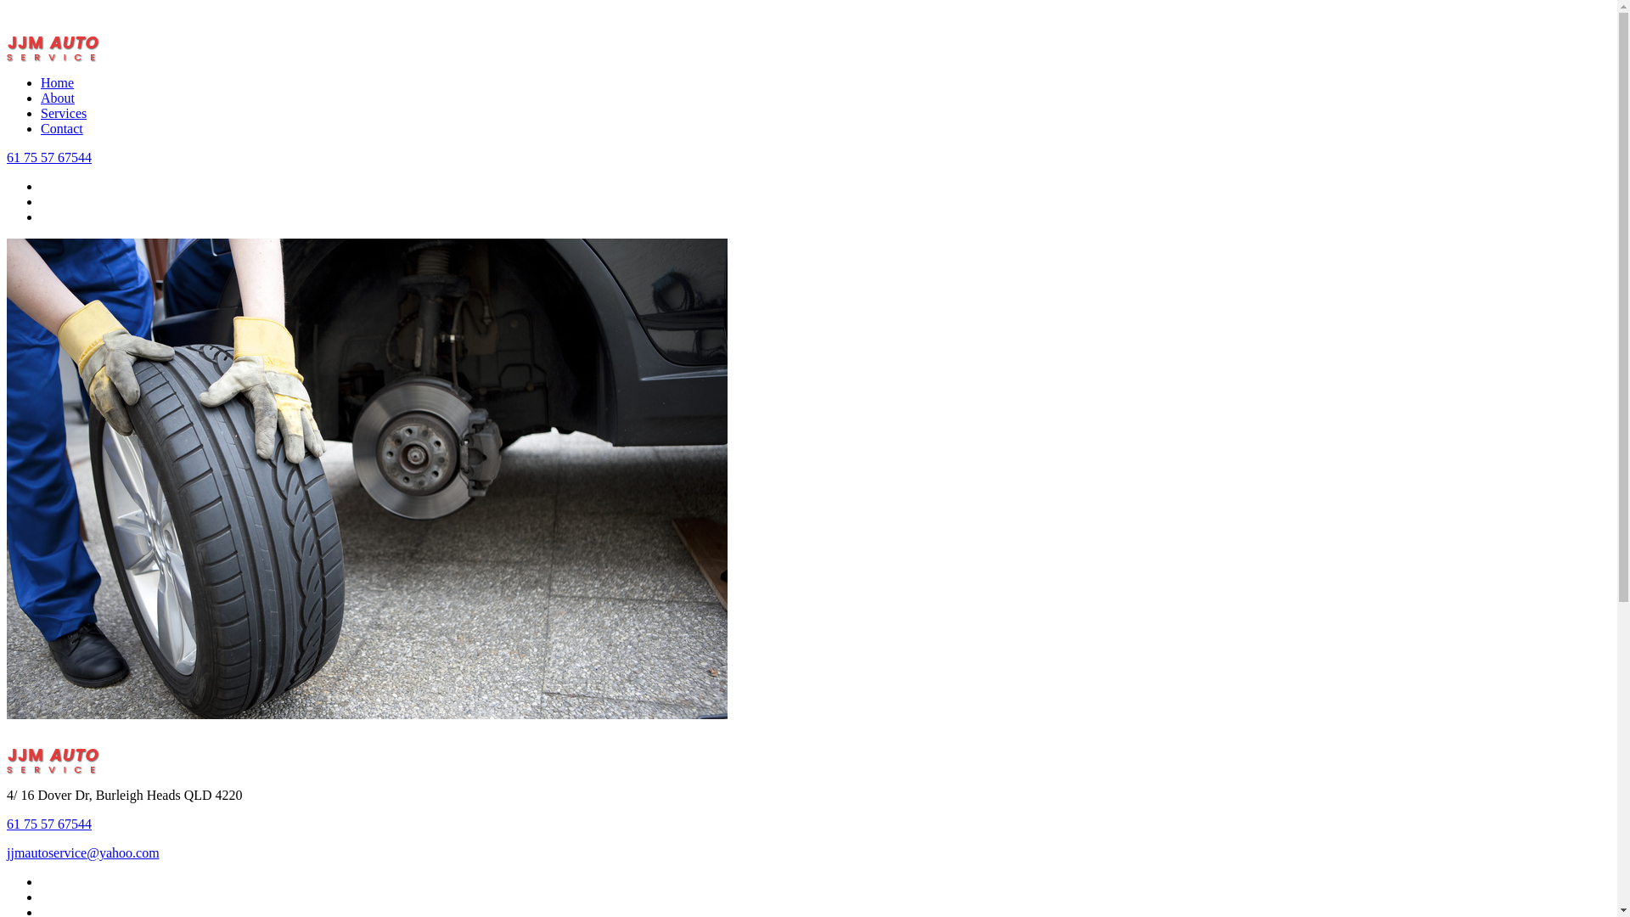 Image resolution: width=1630 pixels, height=917 pixels. Describe the element at coordinates (48, 157) in the screenshot. I see `'61 75 57 67544'` at that location.